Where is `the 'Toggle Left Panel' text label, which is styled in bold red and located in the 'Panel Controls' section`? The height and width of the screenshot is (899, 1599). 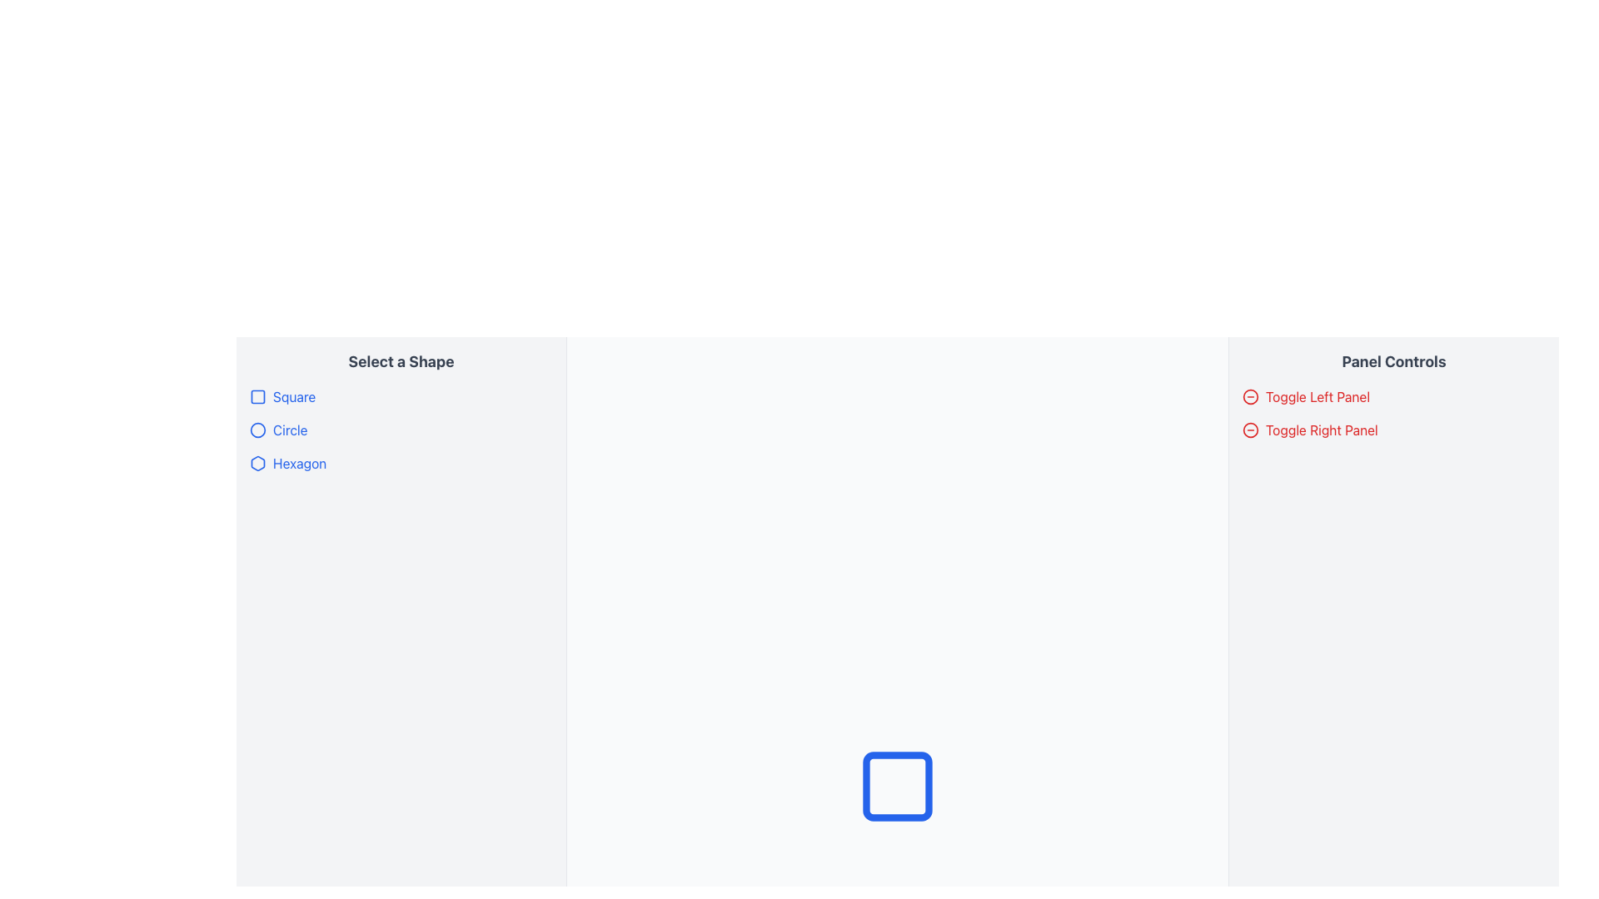 the 'Toggle Left Panel' text label, which is styled in bold red and located in the 'Panel Controls' section is located at coordinates (1317, 397).